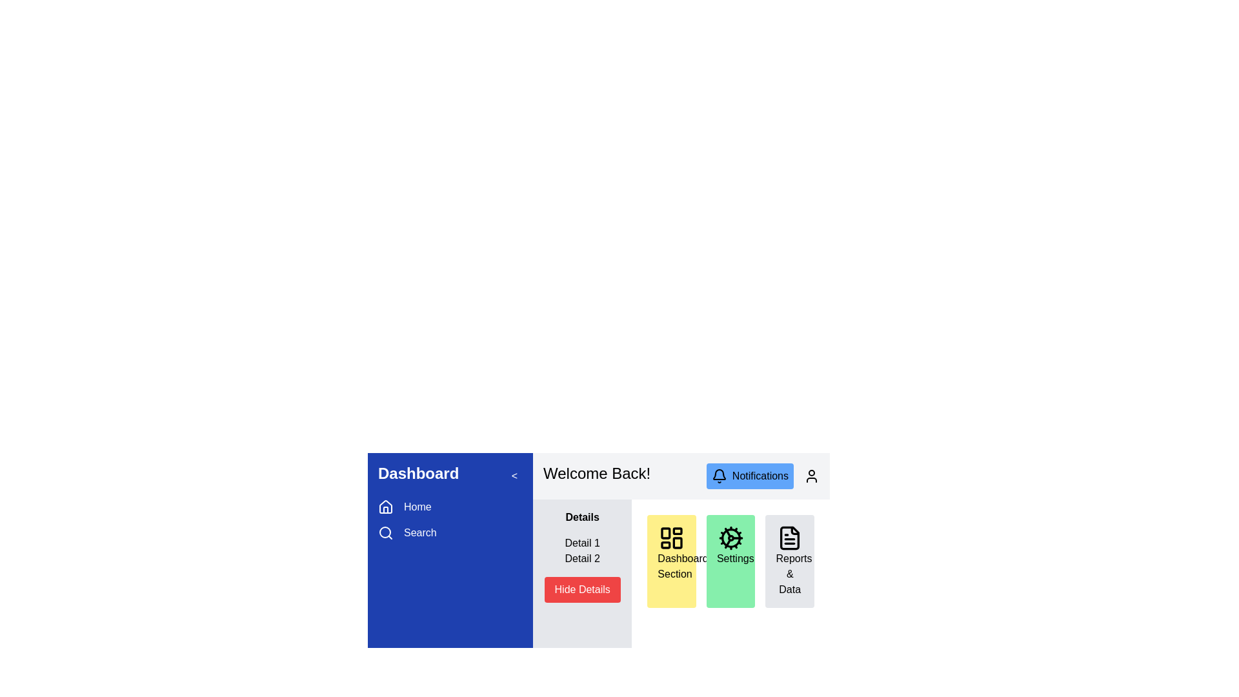  What do you see at coordinates (789, 538) in the screenshot?
I see `the document icon, which is a graphical representation resembling a sheet of paper with a folded corner and horizontal lines, located in the 'Reports & Data' section at the bottom-right of the main content area` at bounding box center [789, 538].